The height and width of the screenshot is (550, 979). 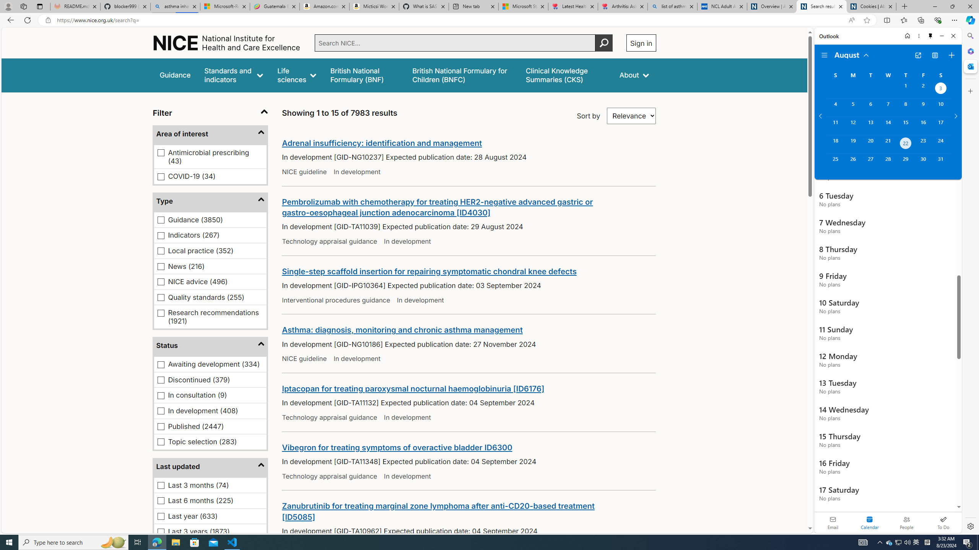 I want to click on 'Thursday, August 22, 2024. Today. ', so click(x=906, y=144).